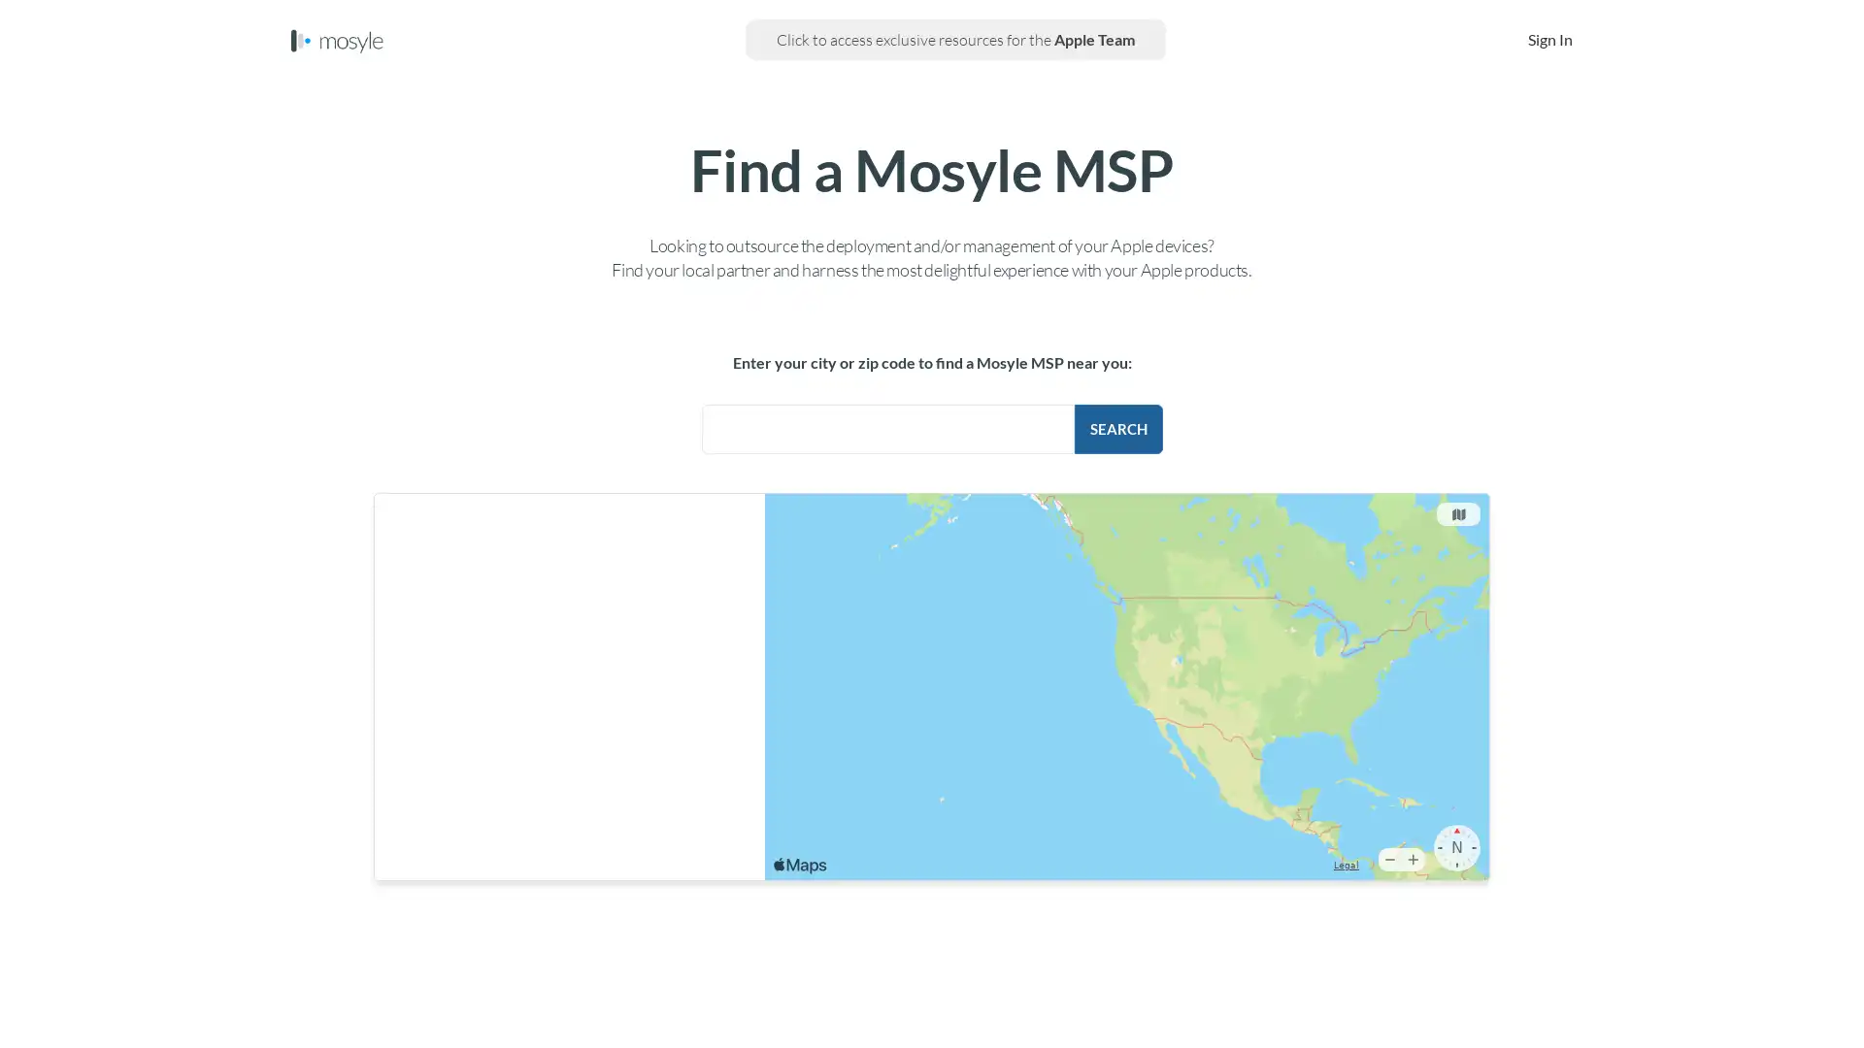 The width and height of the screenshot is (1864, 1048). I want to click on Search, so click(1117, 428).